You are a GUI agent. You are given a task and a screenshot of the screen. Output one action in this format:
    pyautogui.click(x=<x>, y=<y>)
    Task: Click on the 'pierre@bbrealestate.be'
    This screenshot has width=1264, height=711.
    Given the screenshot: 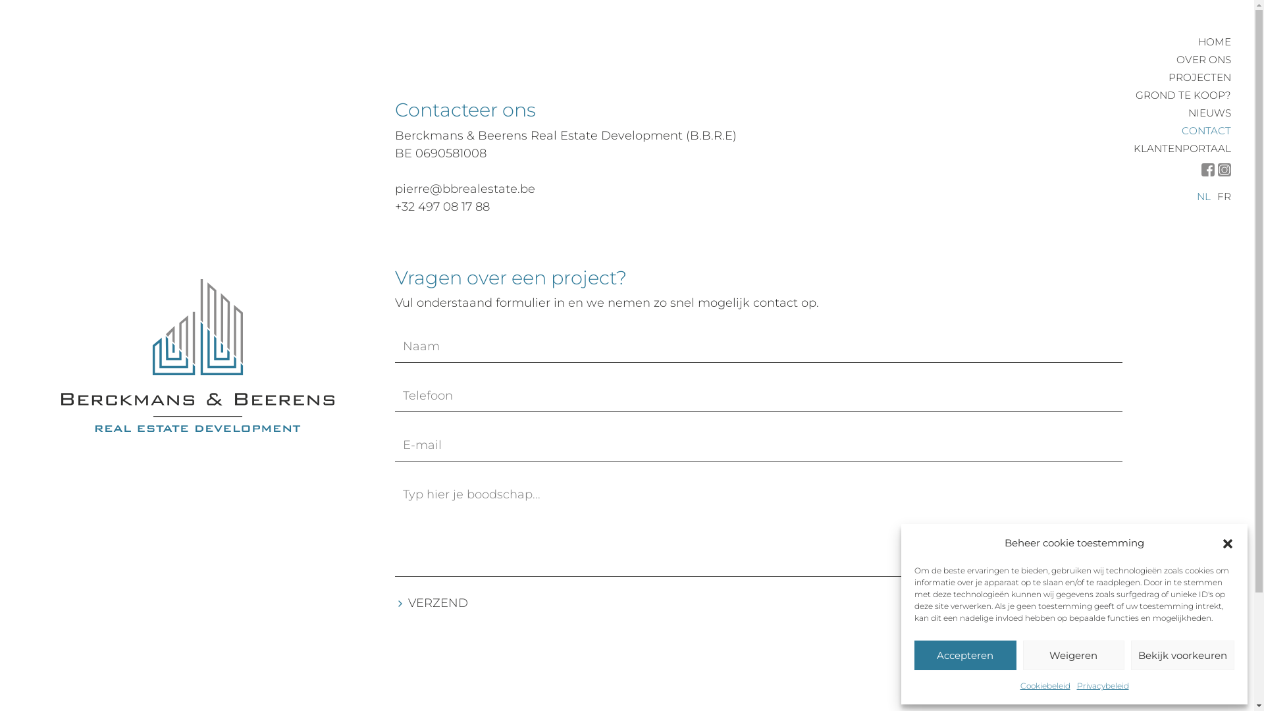 What is the action you would take?
    pyautogui.click(x=465, y=188)
    